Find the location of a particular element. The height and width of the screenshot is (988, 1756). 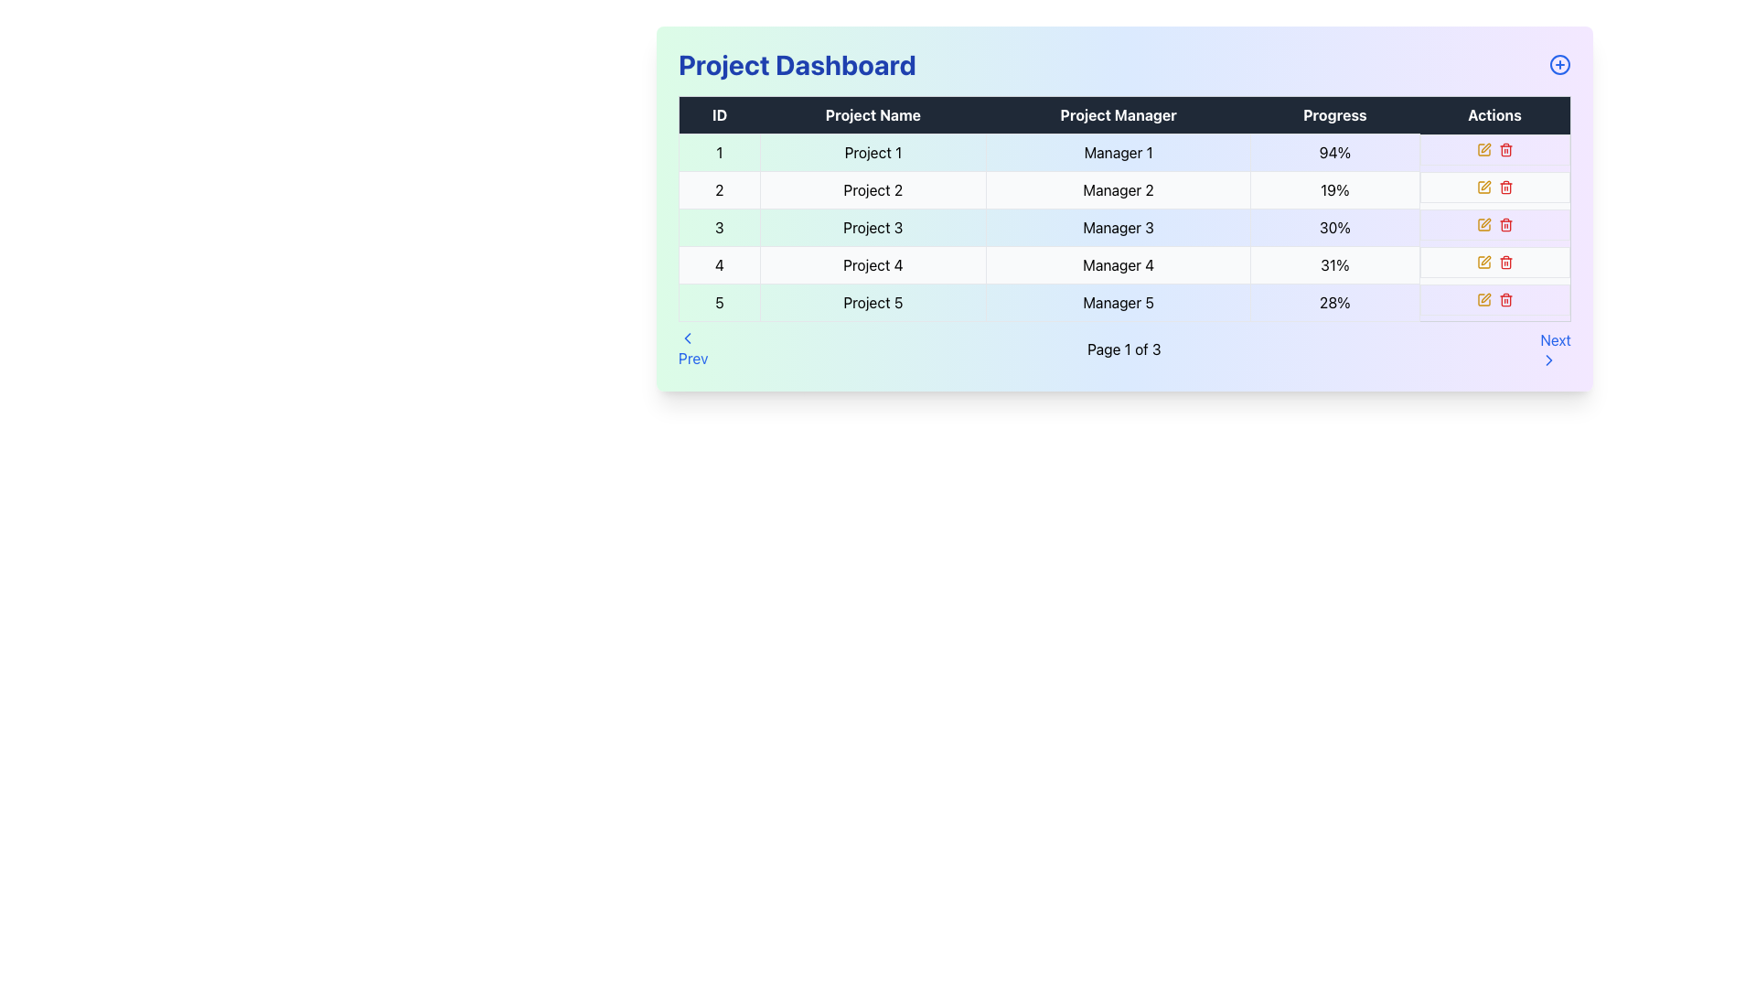

the button located at the top-right corner of the table, closely aligned with the header of the 'Actions' column is located at coordinates (1558, 63).